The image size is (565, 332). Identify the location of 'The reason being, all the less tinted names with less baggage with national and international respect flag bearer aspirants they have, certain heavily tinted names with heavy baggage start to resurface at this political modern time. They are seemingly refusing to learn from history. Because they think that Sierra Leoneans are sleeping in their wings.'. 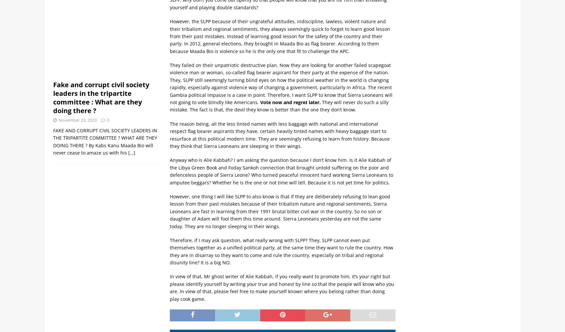
(280, 134).